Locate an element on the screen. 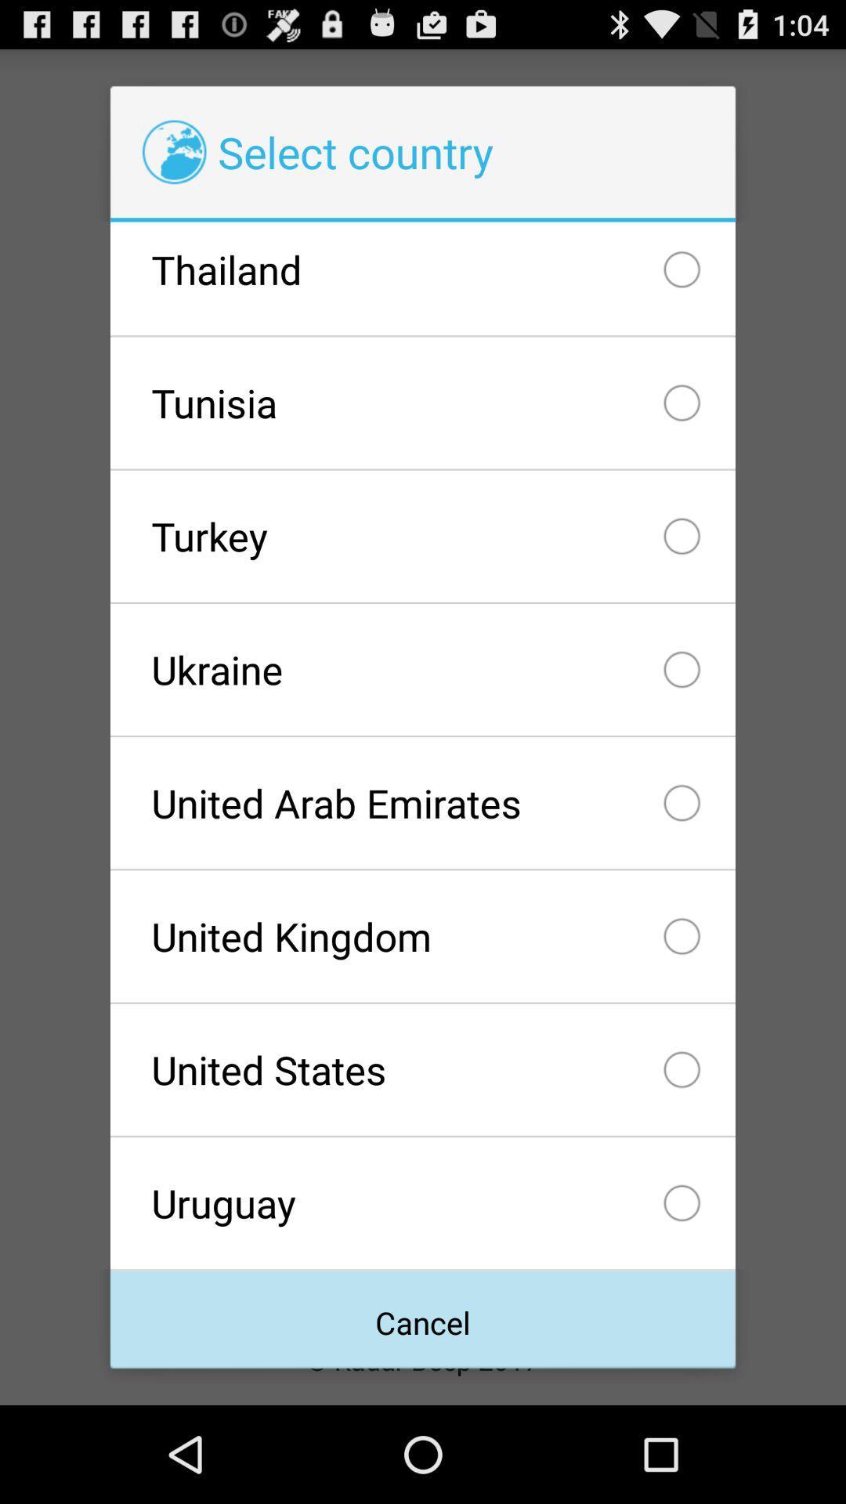 The image size is (846, 1504). the united arab emirates item is located at coordinates (423, 803).